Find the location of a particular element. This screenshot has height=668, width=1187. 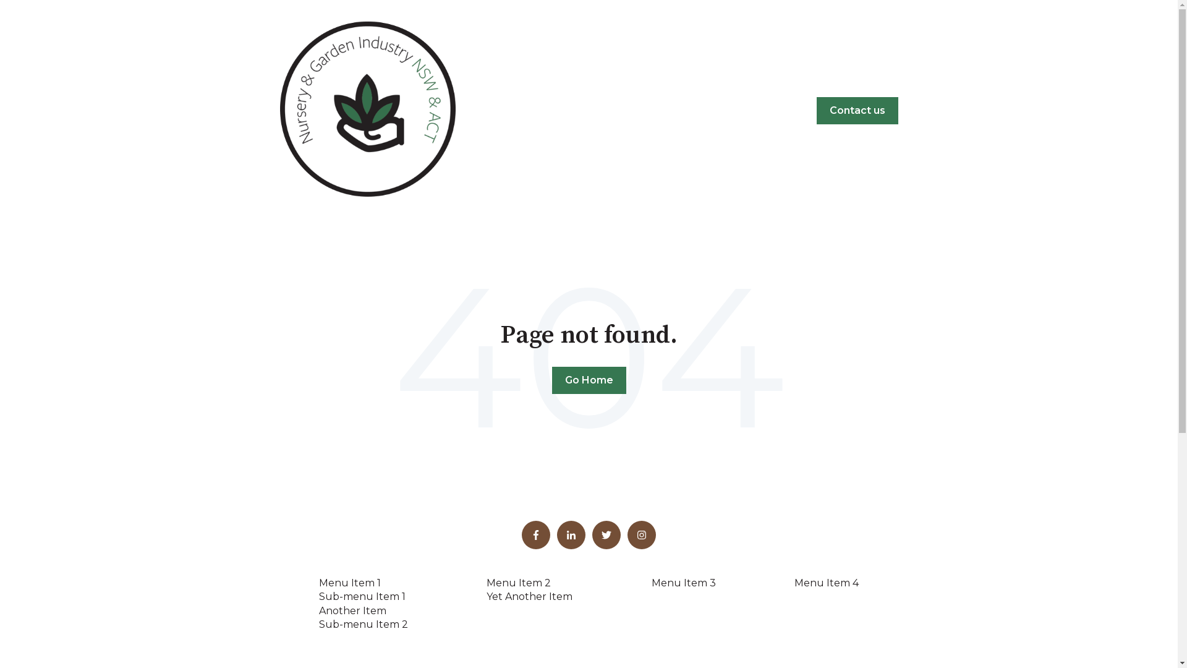

'Menu Item 1' is located at coordinates (349, 583).